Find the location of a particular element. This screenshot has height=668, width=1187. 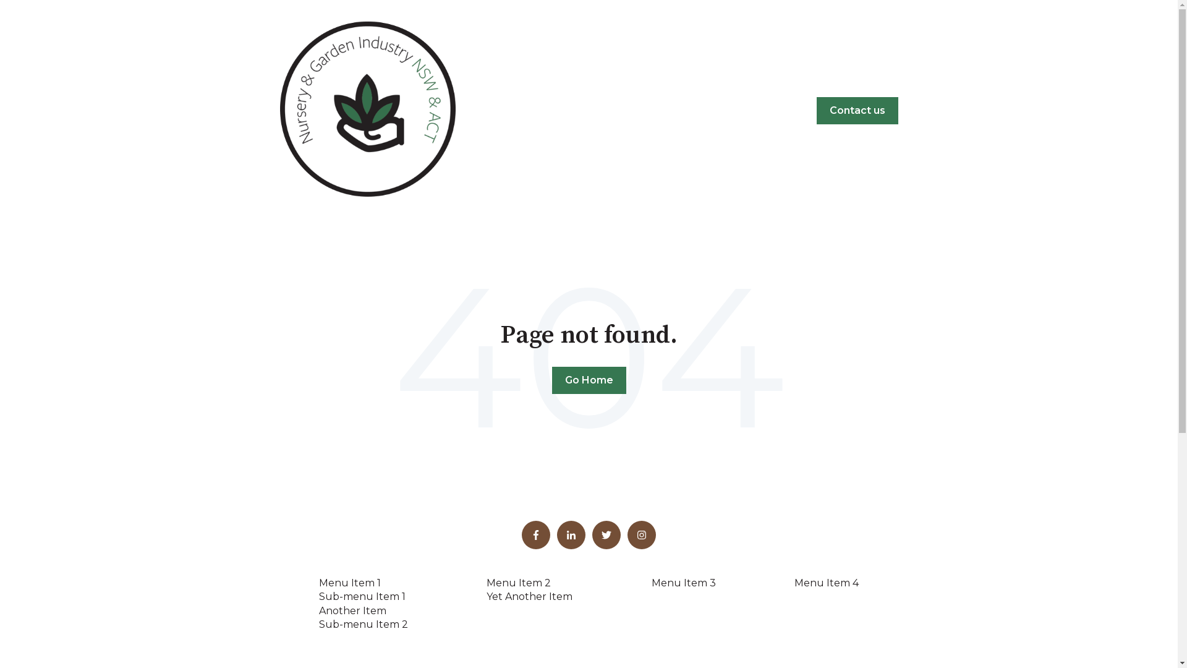

'Menu Item 1' is located at coordinates (349, 583).